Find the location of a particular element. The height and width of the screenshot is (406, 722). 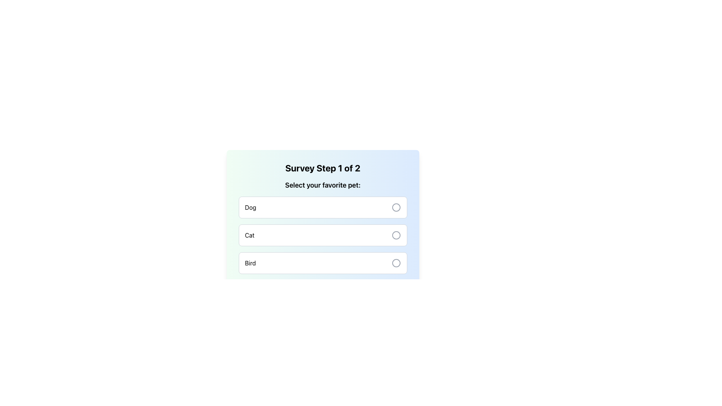

the radio button that selects the option labeled 'Cat' in the survey interface is located at coordinates (396, 235).